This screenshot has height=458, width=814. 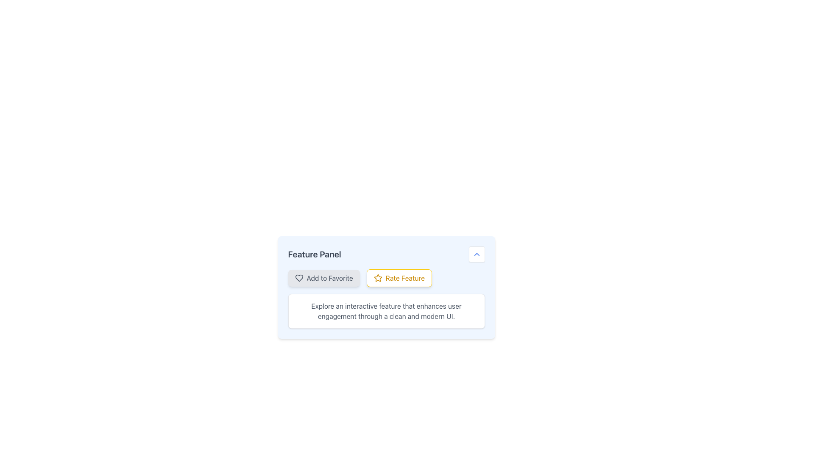 What do you see at coordinates (377, 278) in the screenshot?
I see `the star-shaped icon within the 'Rate Feature' button` at bounding box center [377, 278].